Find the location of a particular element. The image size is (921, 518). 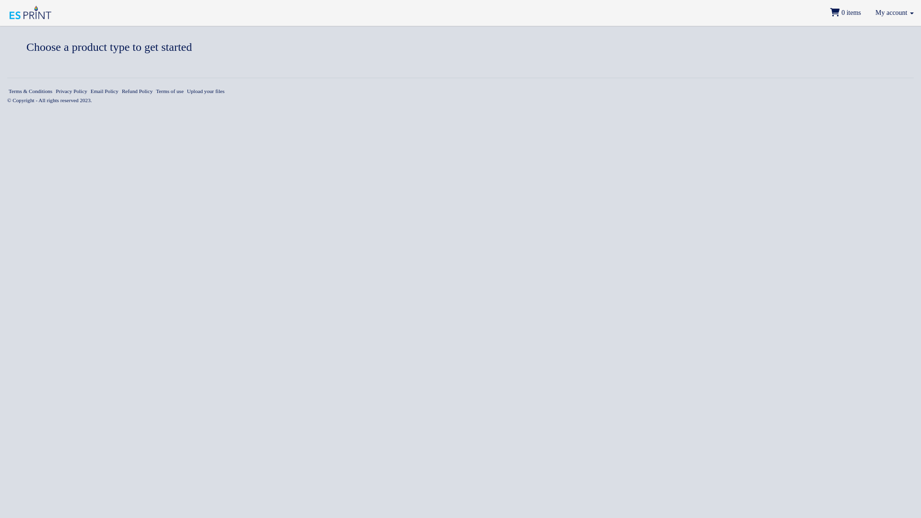

' 0 items' is located at coordinates (845, 13).